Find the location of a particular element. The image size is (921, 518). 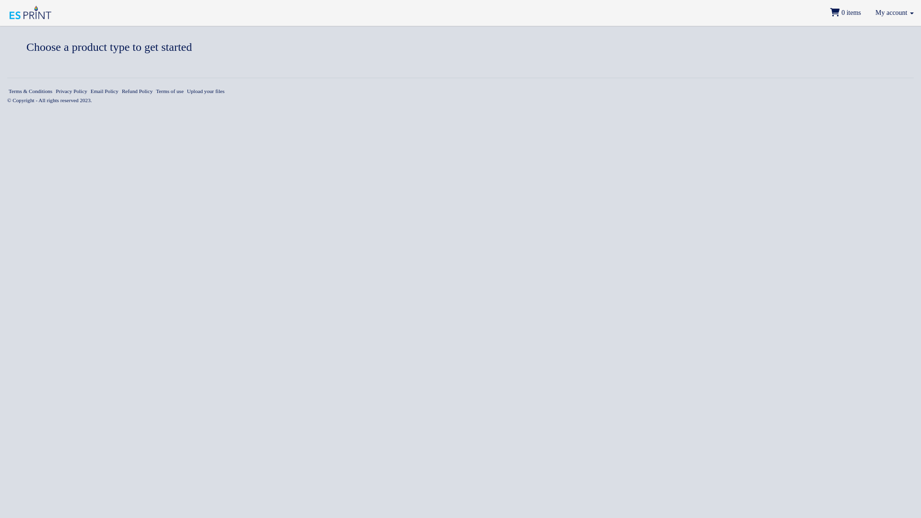

' 0 items' is located at coordinates (845, 13).